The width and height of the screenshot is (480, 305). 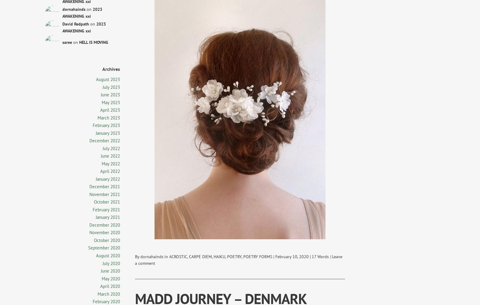 I want to click on 'POETRY', so click(x=234, y=256).